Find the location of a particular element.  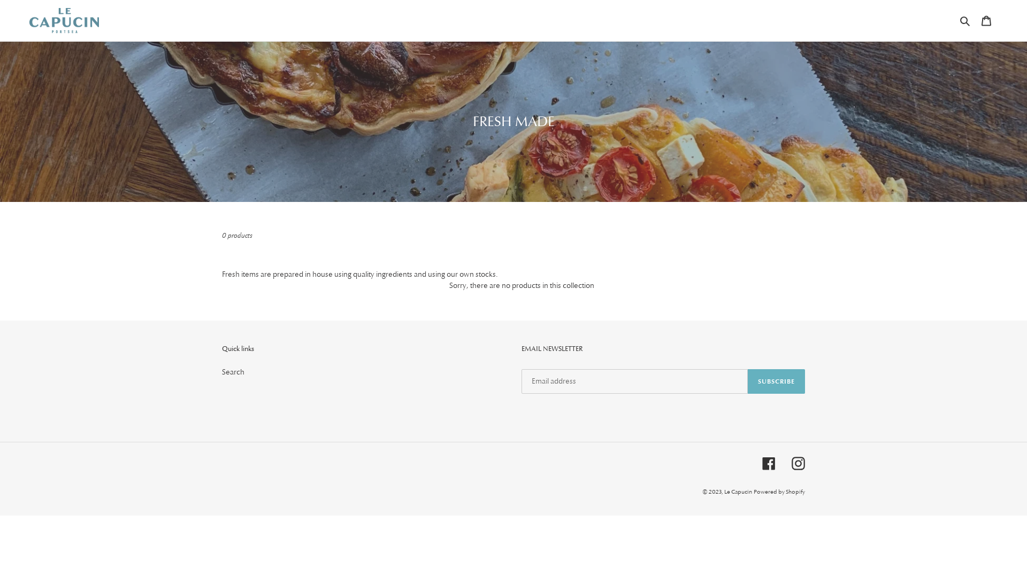

'Facebook' is located at coordinates (762, 463).